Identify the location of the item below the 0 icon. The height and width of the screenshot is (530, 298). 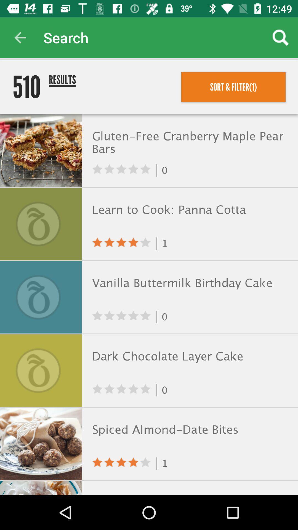
(188, 210).